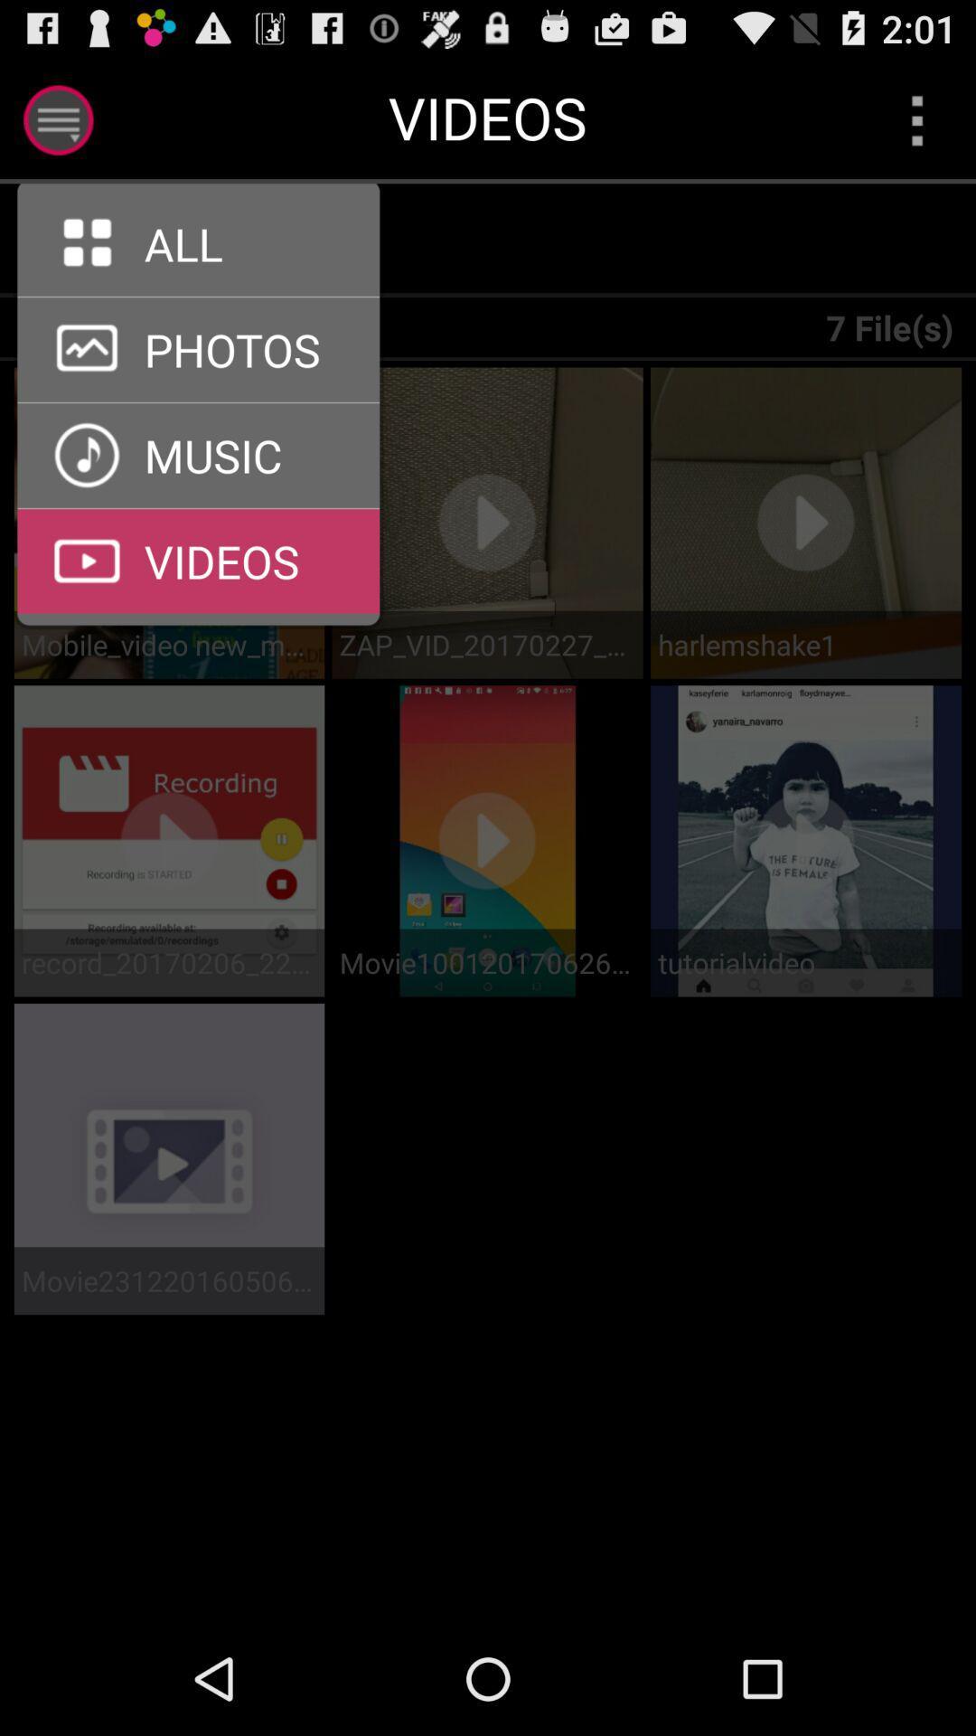 The width and height of the screenshot is (976, 1736). What do you see at coordinates (198, 507) in the screenshot?
I see `videos menu` at bounding box center [198, 507].